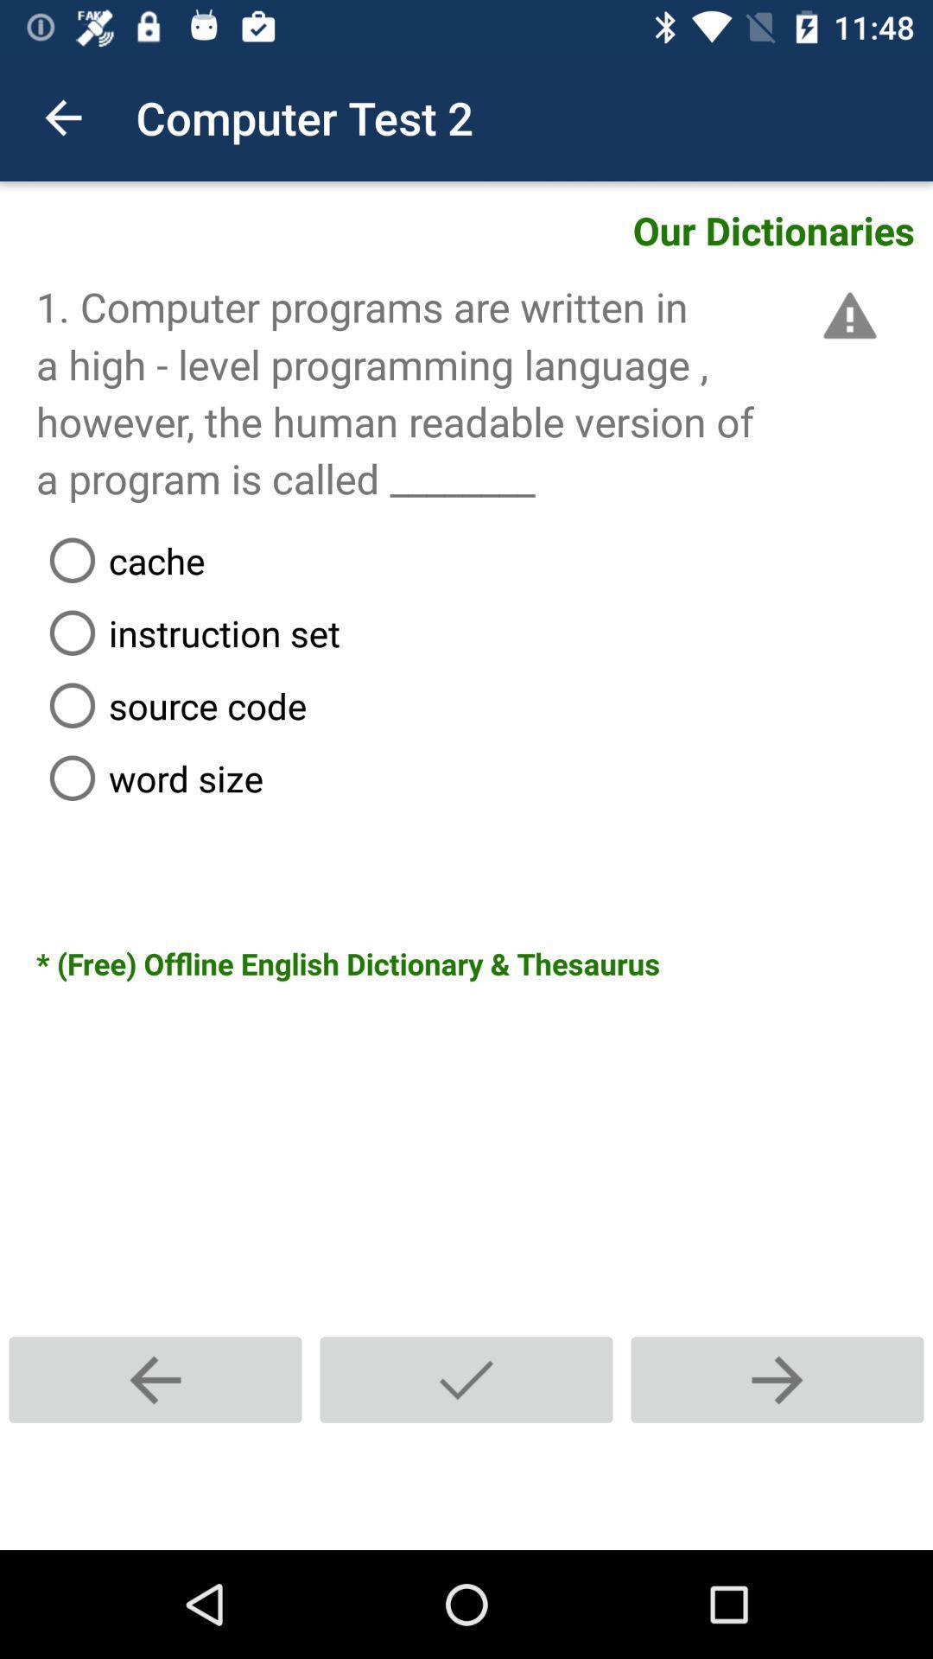 This screenshot has height=1659, width=933. What do you see at coordinates (466, 1379) in the screenshot?
I see `submit` at bounding box center [466, 1379].